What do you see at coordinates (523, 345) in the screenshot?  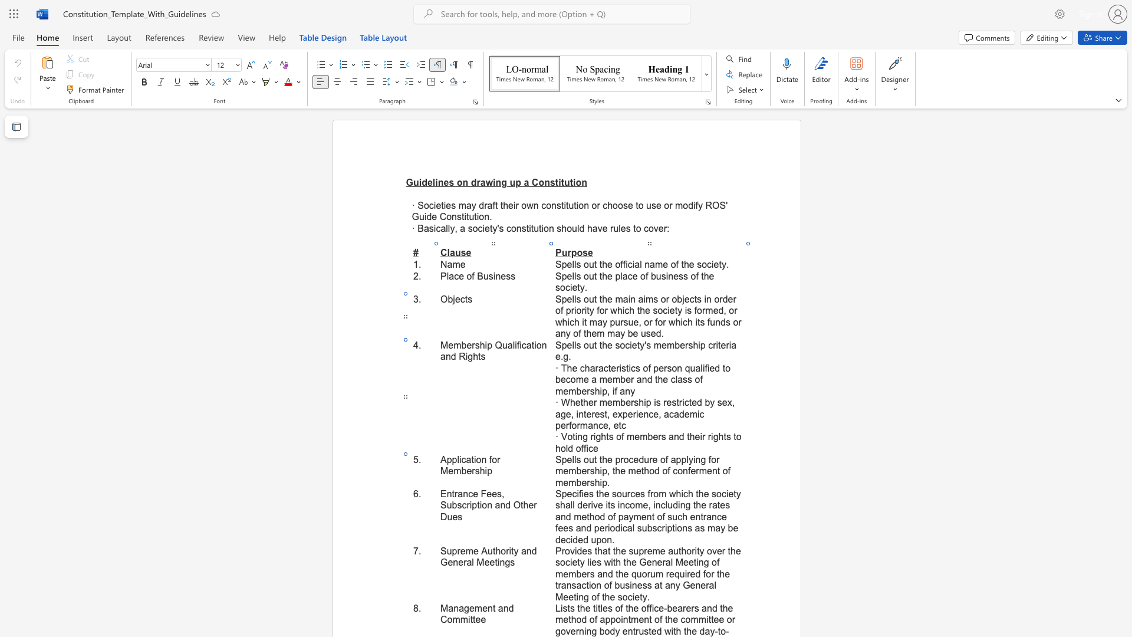 I see `the 1th character "c" in the text` at bounding box center [523, 345].